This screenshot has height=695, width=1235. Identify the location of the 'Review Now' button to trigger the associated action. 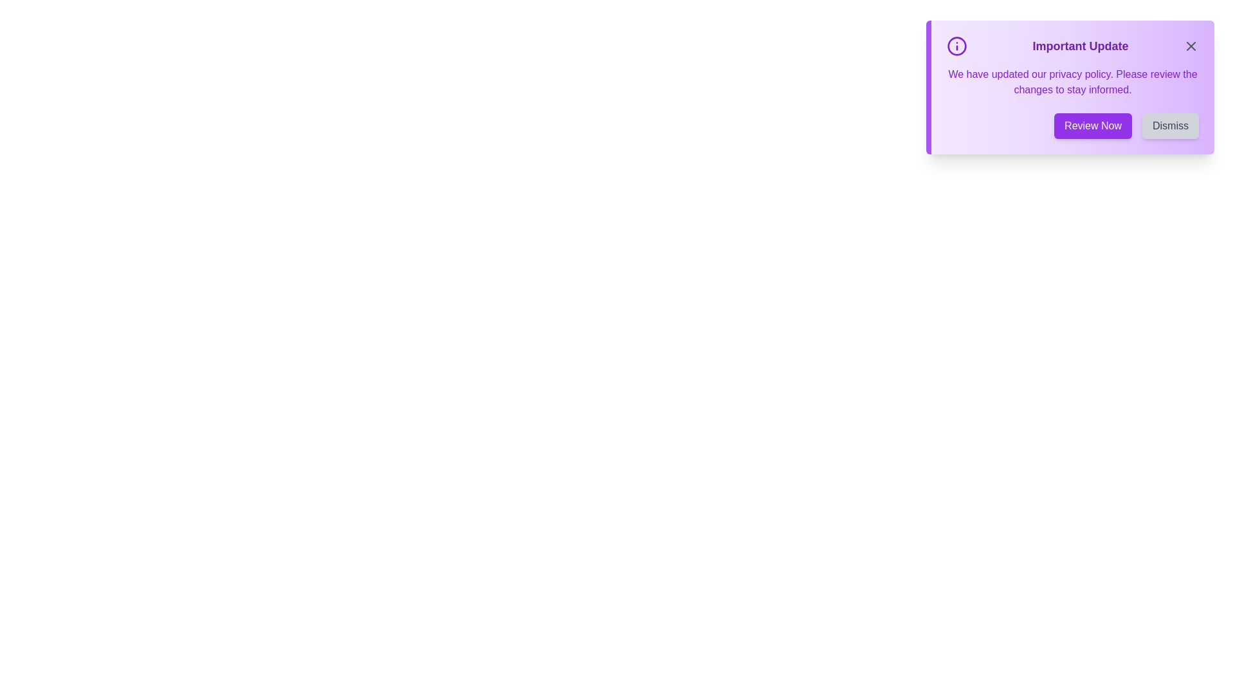
(1092, 126).